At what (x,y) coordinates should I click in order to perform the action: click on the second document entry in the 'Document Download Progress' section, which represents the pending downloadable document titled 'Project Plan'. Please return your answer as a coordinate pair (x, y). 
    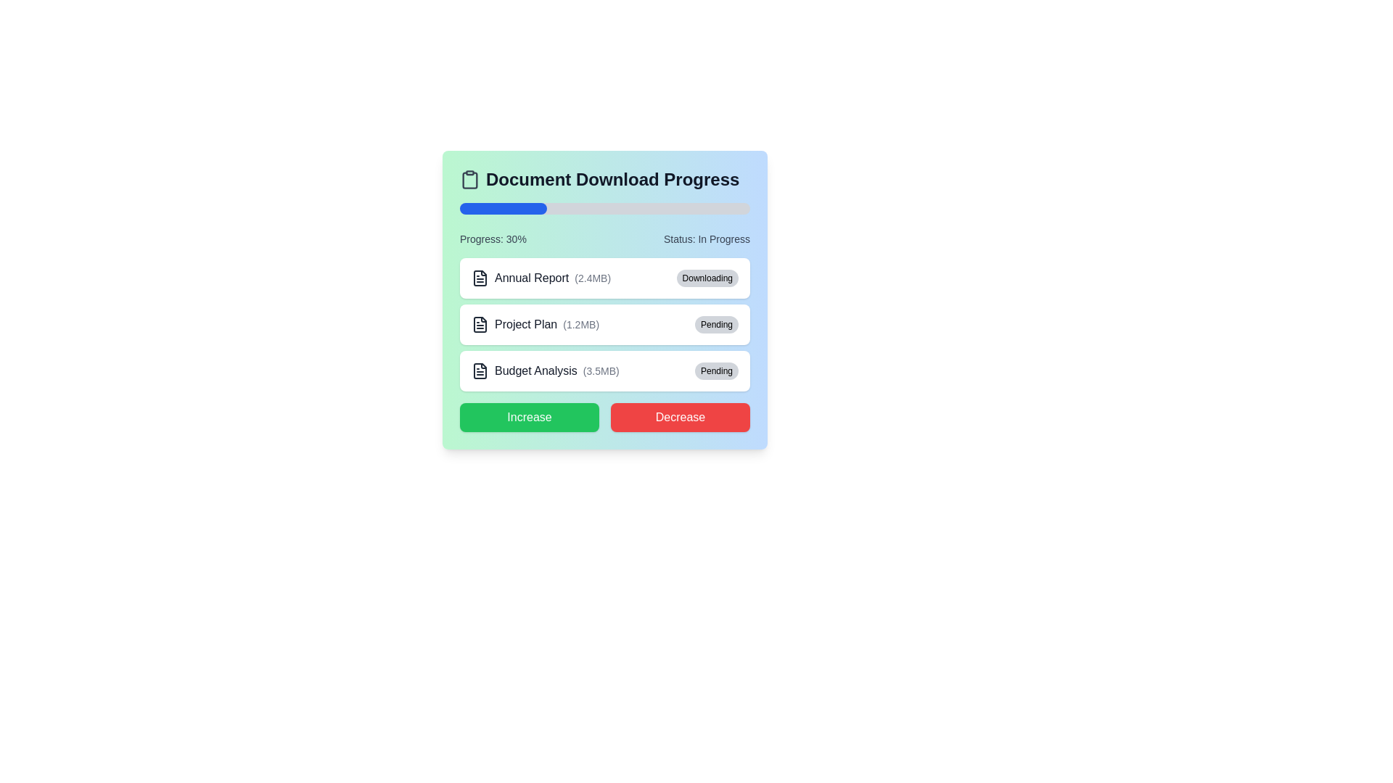
    Looking at the image, I should click on (605, 299).